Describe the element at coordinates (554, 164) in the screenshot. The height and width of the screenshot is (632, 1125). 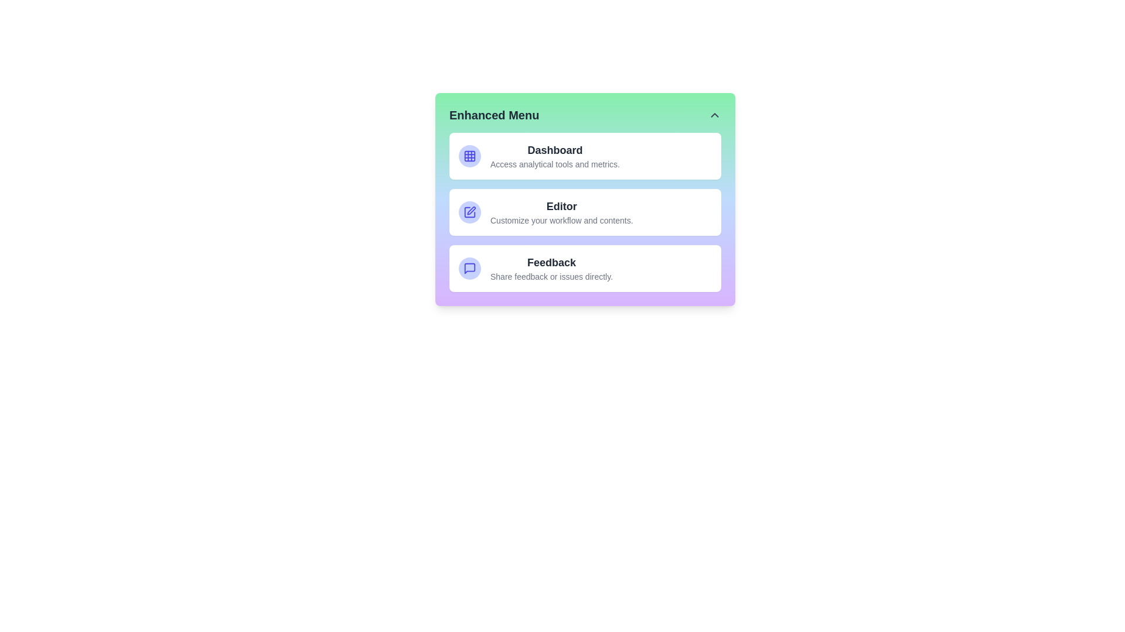
I see `the descriptive text under the menu item Dashboard` at that location.